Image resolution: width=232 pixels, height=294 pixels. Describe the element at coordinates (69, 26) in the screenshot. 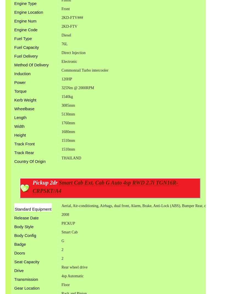

I see `'2KD-FTV'` at that location.